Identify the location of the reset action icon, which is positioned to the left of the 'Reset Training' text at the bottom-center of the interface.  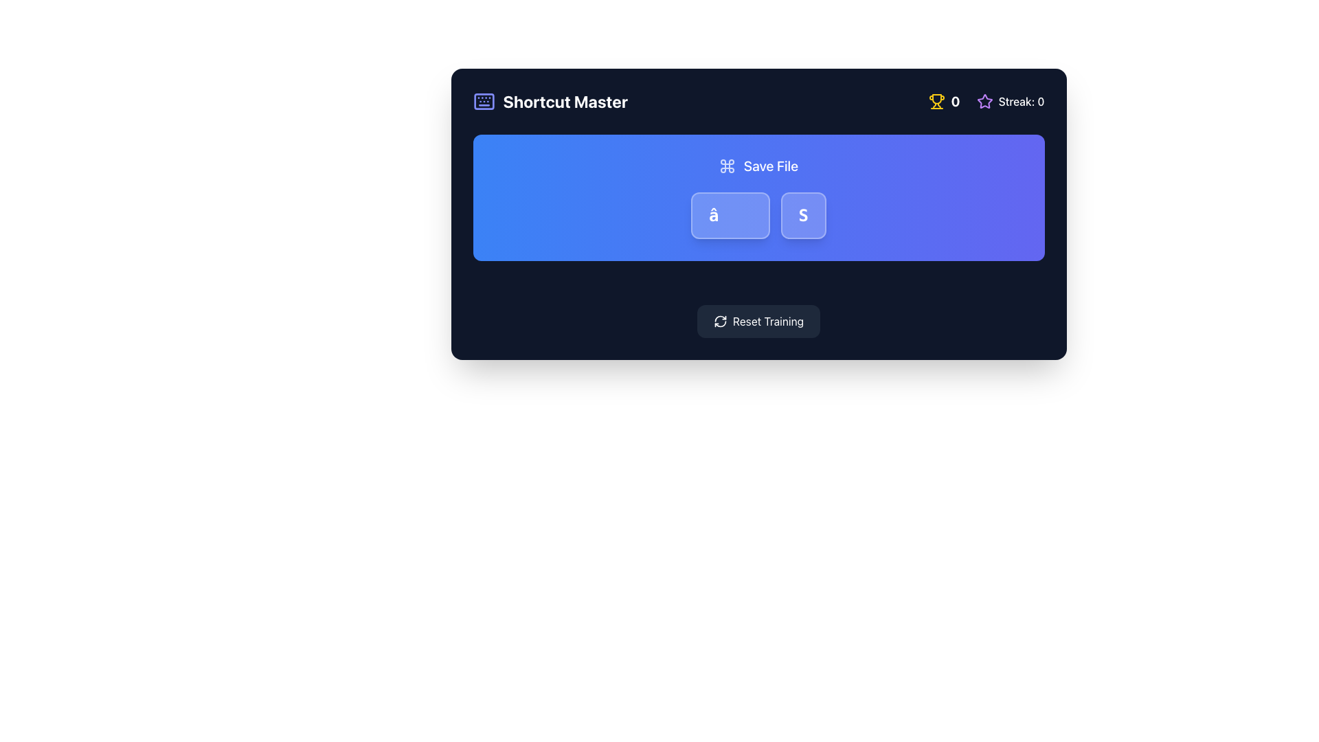
(719, 321).